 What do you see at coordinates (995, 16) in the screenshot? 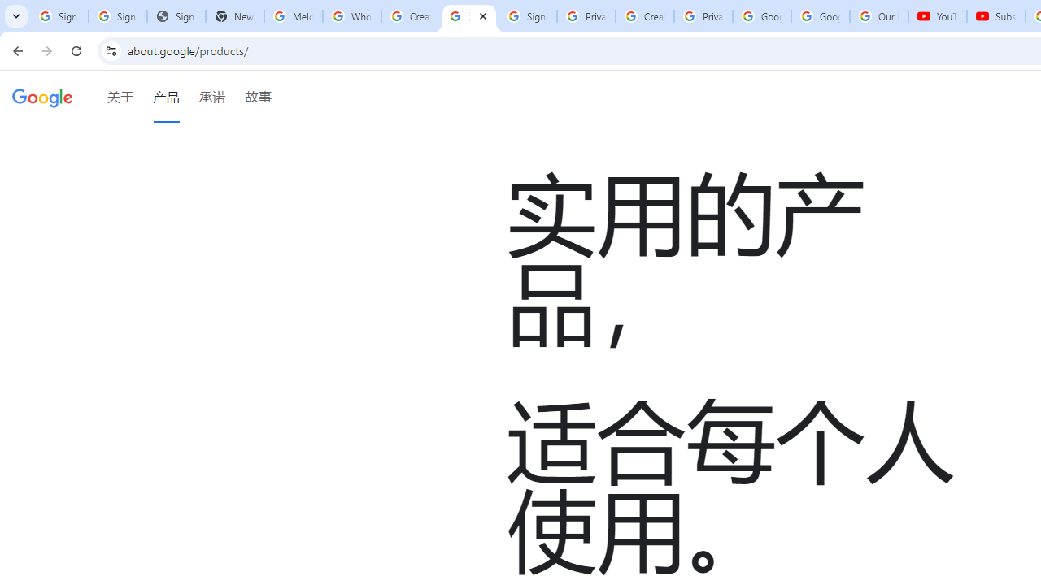
I see `'Subscriptions - YouTube'` at bounding box center [995, 16].